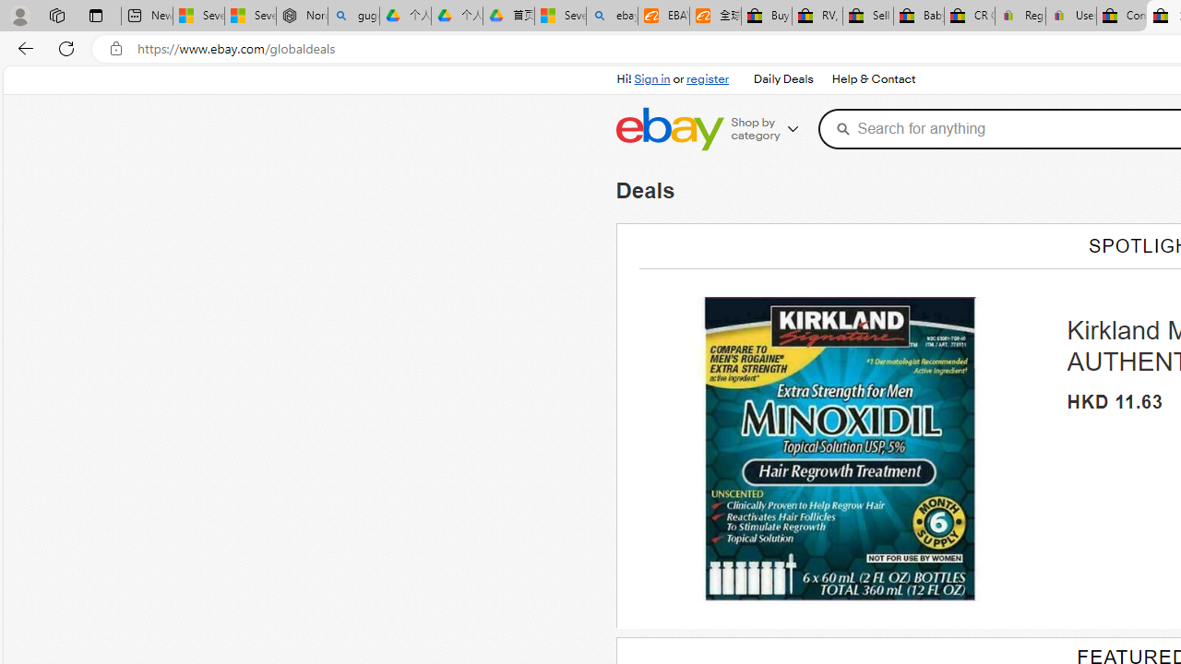 This screenshot has height=664, width=1181. I want to click on 'eBay Home', so click(668, 128).